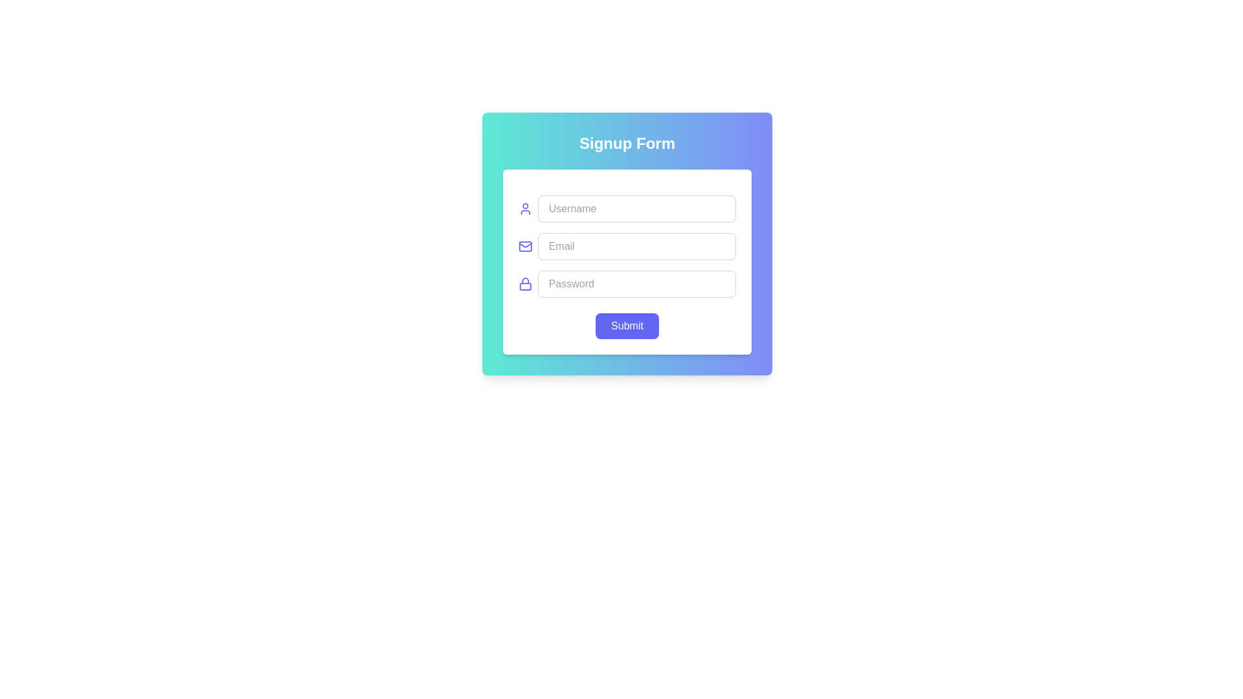  What do you see at coordinates (627, 144) in the screenshot?
I see `the title text element located at the top of the form, which serves as a heading indicating the form's purpose` at bounding box center [627, 144].